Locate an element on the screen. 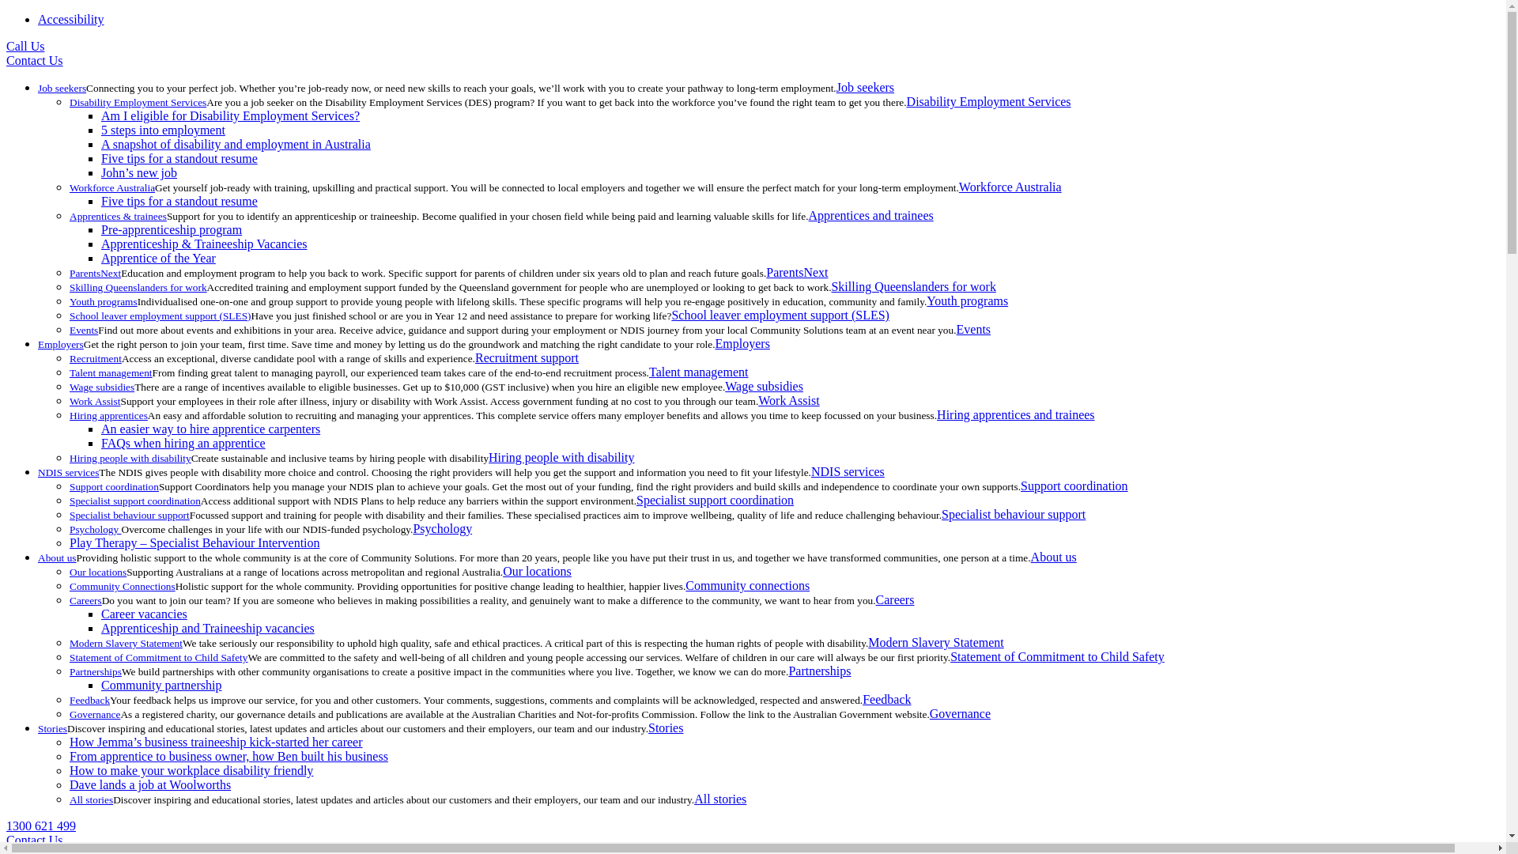 This screenshot has height=854, width=1518. 'Partnerships' is located at coordinates (819, 671).